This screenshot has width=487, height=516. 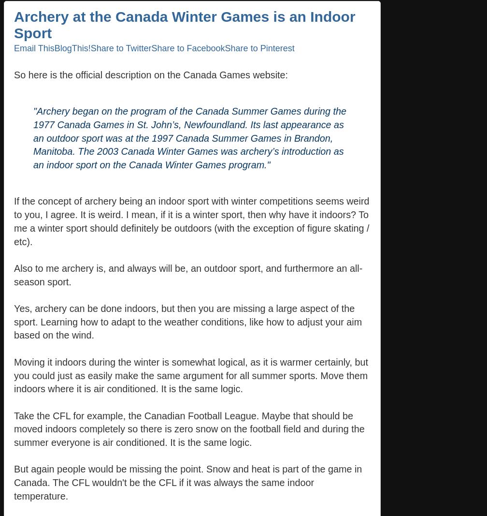 What do you see at coordinates (188, 274) in the screenshot?
I see `'Also to me archery is, and always will be, an outdoor sport, and furthermore an all-season sport.'` at bounding box center [188, 274].